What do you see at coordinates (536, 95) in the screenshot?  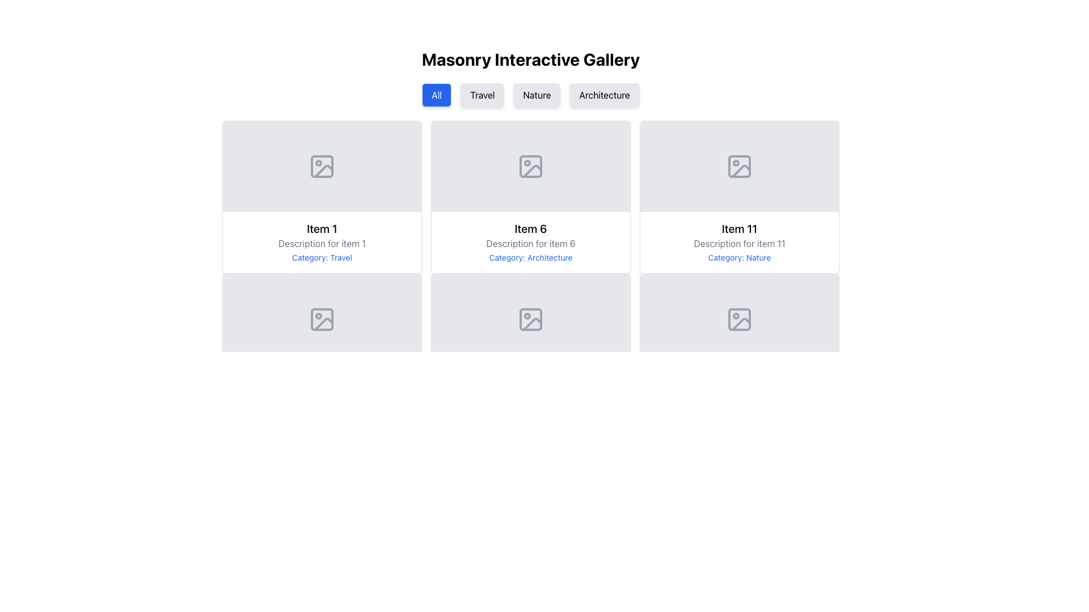 I see `the rectangular button with rounded corners and the text 'Nature'` at bounding box center [536, 95].